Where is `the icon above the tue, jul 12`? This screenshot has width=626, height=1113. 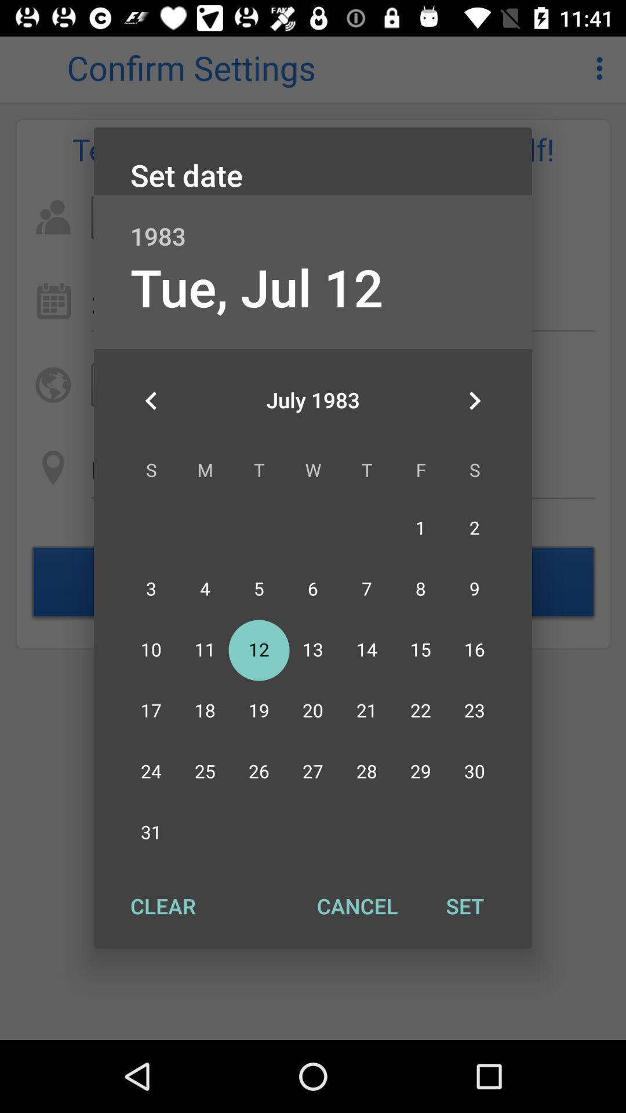
the icon above the tue, jul 12 is located at coordinates (313, 224).